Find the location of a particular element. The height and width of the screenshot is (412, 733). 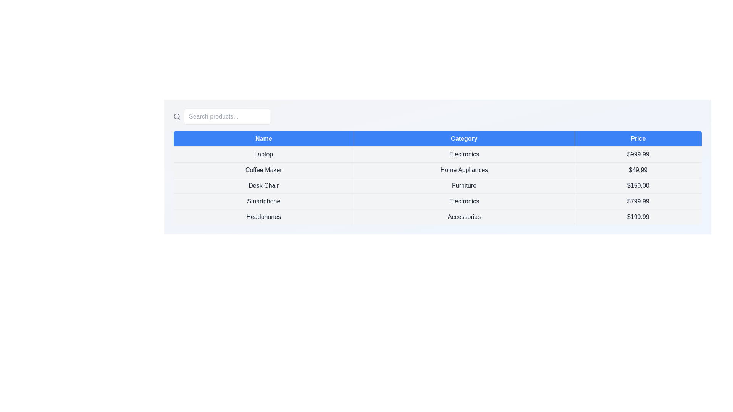

price displayed in the right-most column of the table for the first row, which is adjacent to the 'Electronics' value and diagonally to the 'Laptop' name is located at coordinates (638, 154).